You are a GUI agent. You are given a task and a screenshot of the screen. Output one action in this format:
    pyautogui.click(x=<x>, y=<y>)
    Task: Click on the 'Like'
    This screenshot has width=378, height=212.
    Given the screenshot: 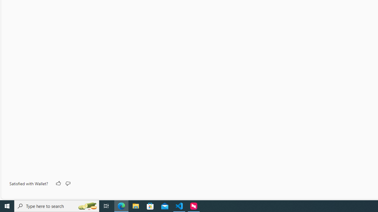 What is the action you would take?
    pyautogui.click(x=58, y=183)
    